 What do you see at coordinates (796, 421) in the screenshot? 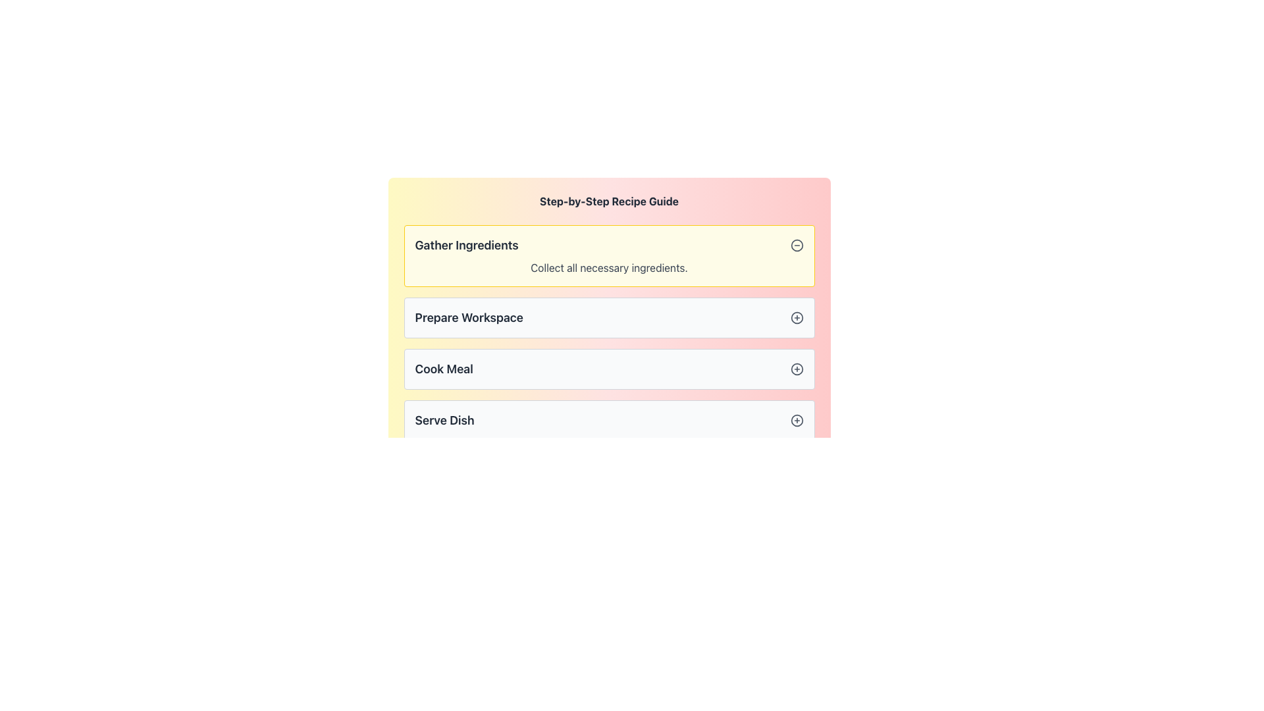
I see `the circular graphic component that is part of the icon next to the 'Serve Dish' label in the recipe steps list` at bounding box center [796, 421].